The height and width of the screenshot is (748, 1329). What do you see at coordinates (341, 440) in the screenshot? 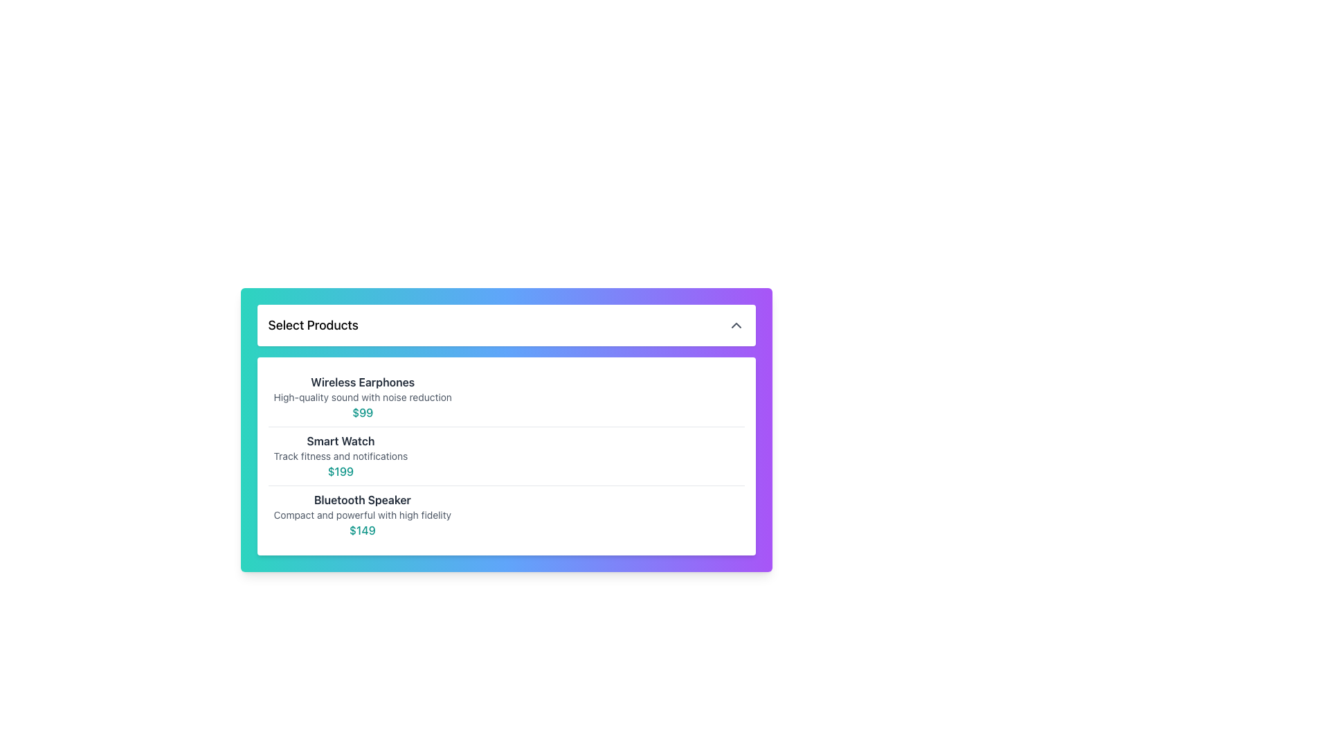
I see `the bold text label that reads 'Smart Watch', which is styled with a strong font weight and dark gray color, positioned under the 'Select Products' section` at bounding box center [341, 440].